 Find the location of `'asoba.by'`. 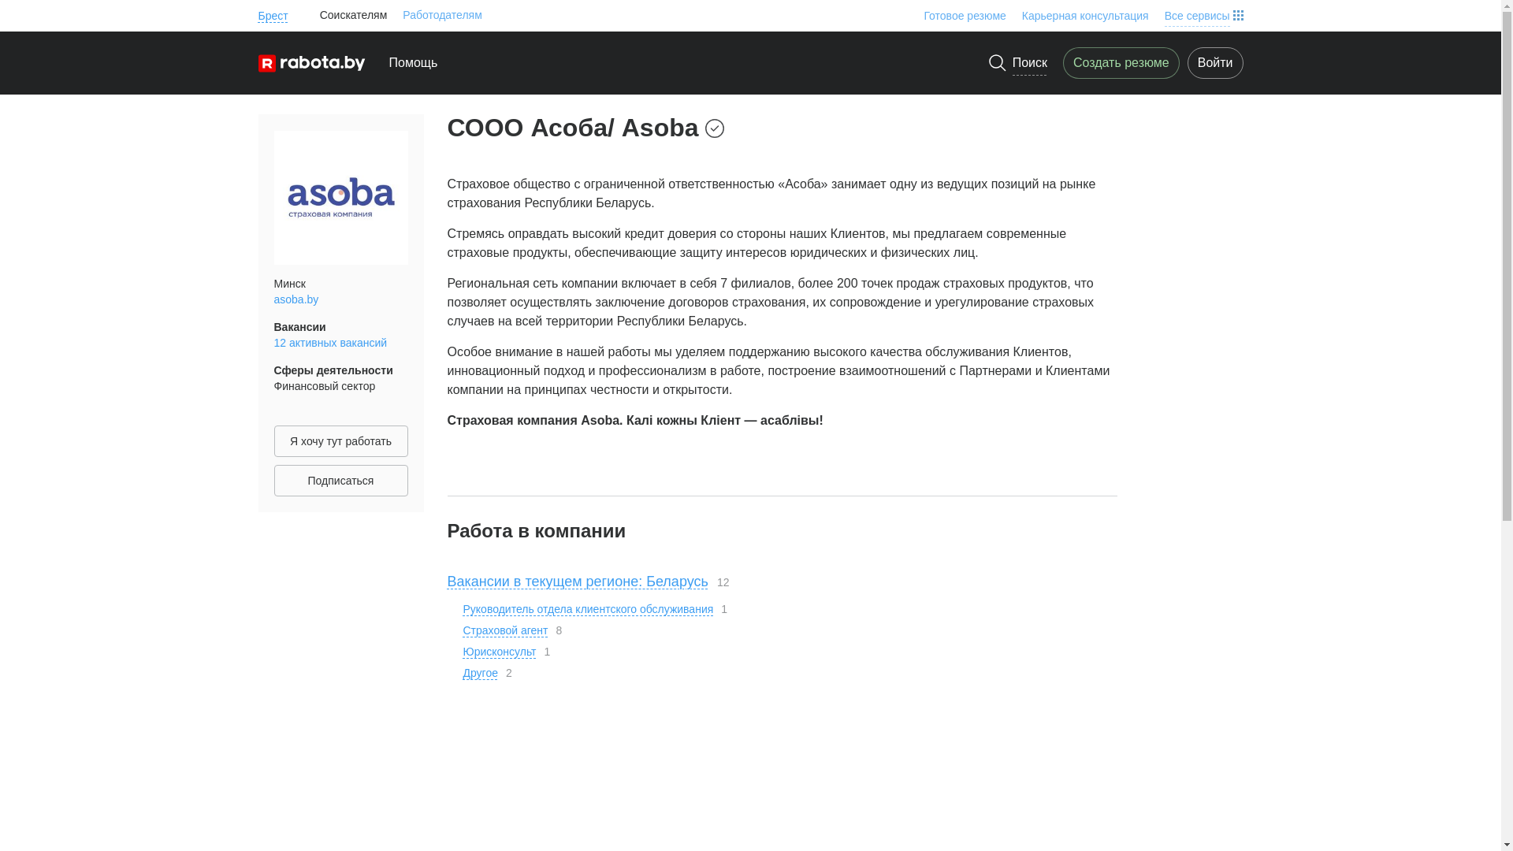

'asoba.by' is located at coordinates (296, 299).